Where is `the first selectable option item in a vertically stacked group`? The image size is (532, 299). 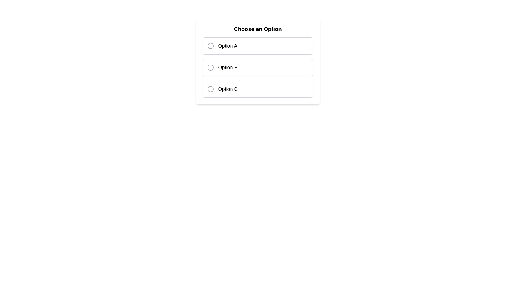
the first selectable option item in a vertically stacked group is located at coordinates (257, 45).